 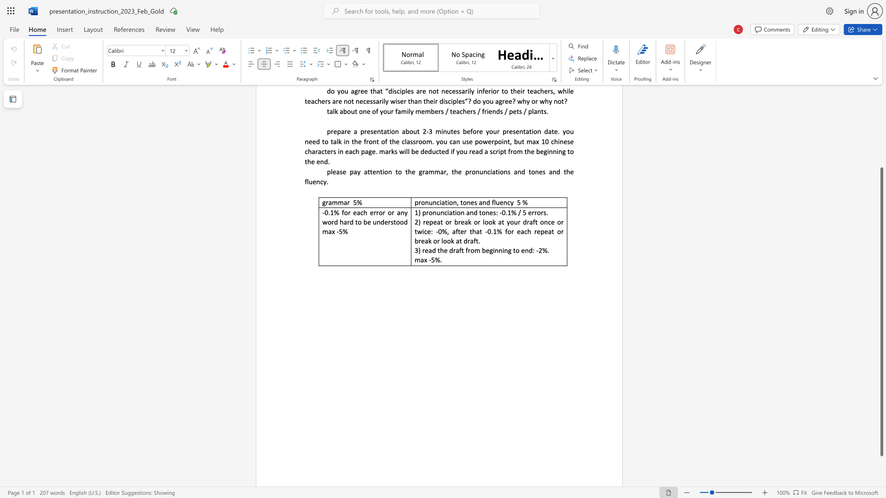 What do you see at coordinates (881, 161) in the screenshot?
I see `the scrollbar` at bounding box center [881, 161].